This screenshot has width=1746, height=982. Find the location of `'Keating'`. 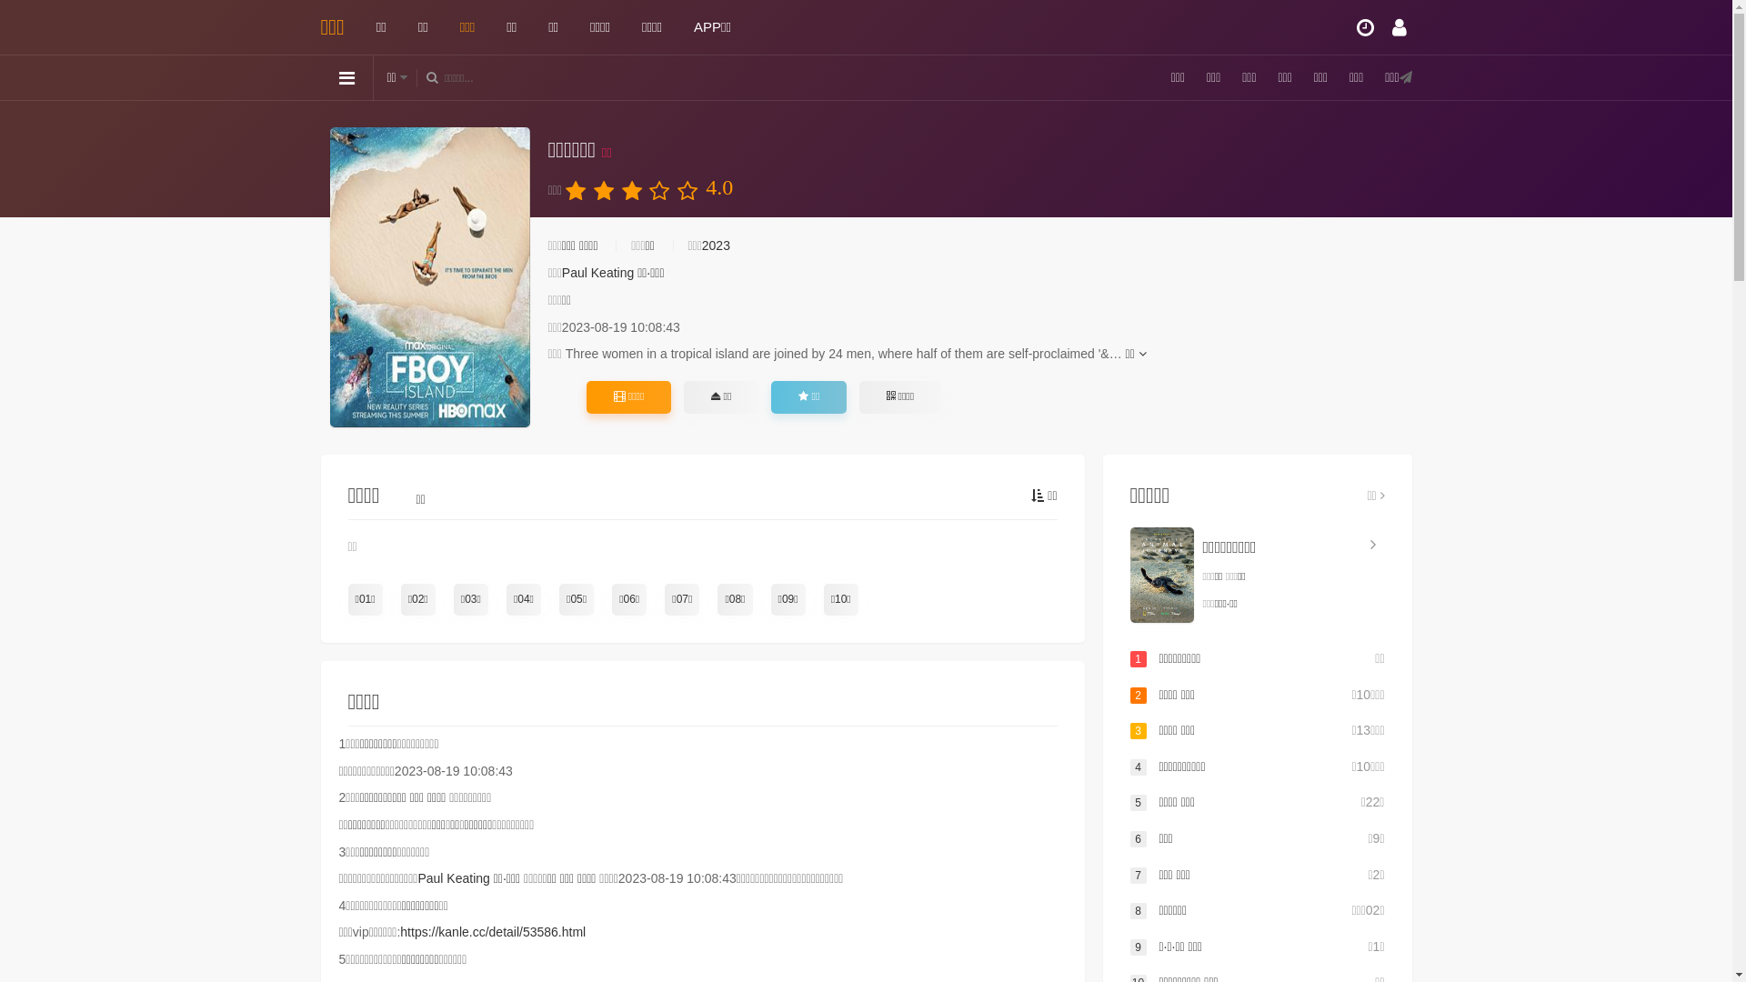

'Keating' is located at coordinates (612, 273).